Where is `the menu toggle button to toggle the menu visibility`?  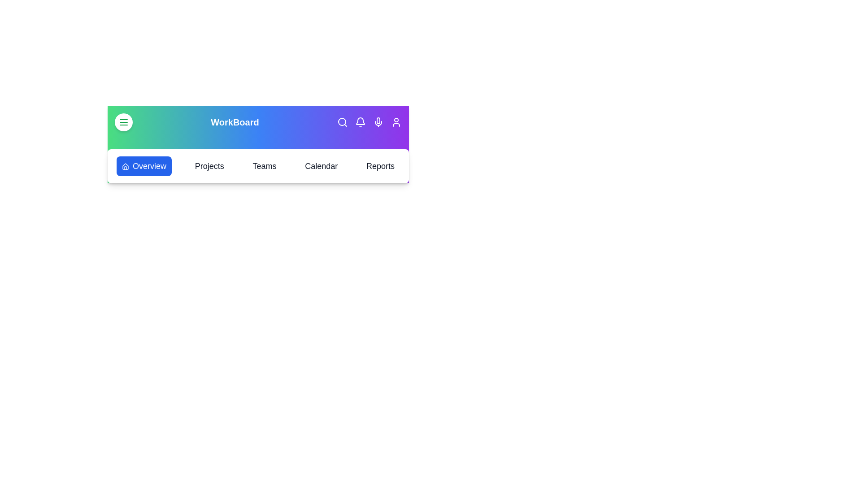
the menu toggle button to toggle the menu visibility is located at coordinates (123, 122).